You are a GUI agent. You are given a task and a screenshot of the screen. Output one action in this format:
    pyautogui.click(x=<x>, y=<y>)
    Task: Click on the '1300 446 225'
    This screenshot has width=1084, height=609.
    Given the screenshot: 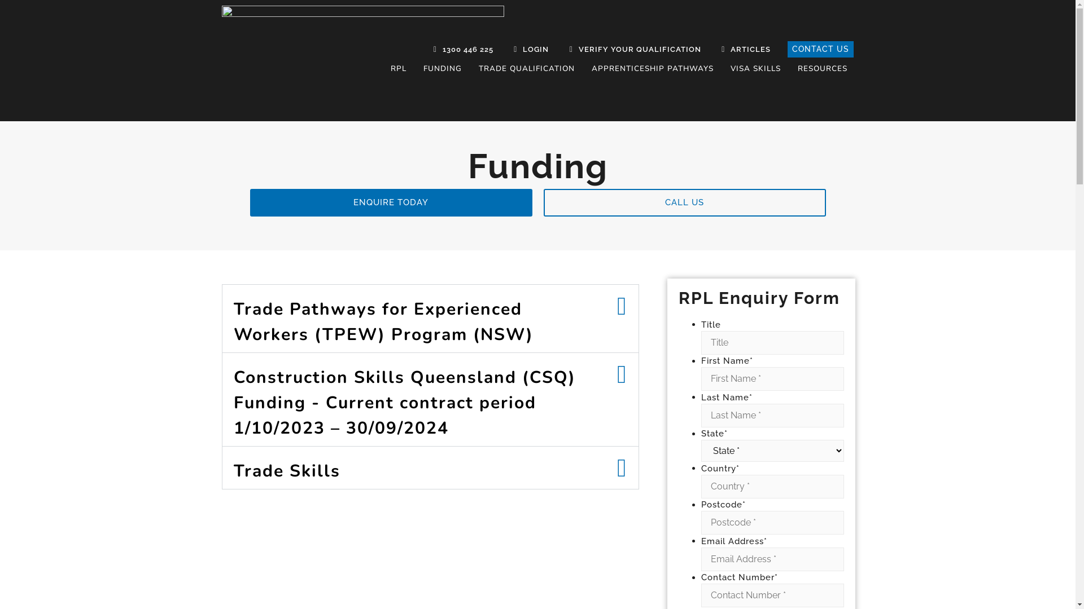 What is the action you would take?
    pyautogui.click(x=426, y=49)
    